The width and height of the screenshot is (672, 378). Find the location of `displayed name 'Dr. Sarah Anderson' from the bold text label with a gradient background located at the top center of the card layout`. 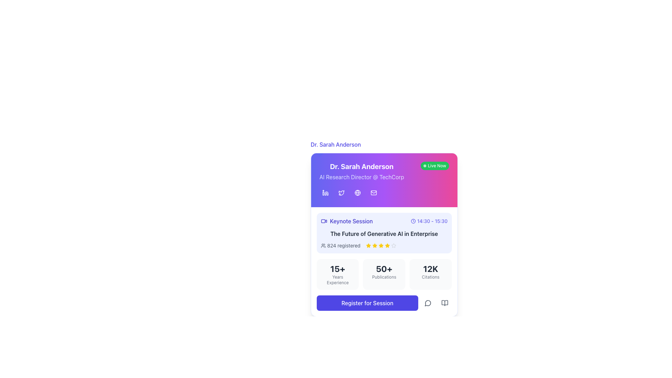

displayed name 'Dr. Sarah Anderson' from the bold text label with a gradient background located at the top center of the card layout is located at coordinates (362, 166).